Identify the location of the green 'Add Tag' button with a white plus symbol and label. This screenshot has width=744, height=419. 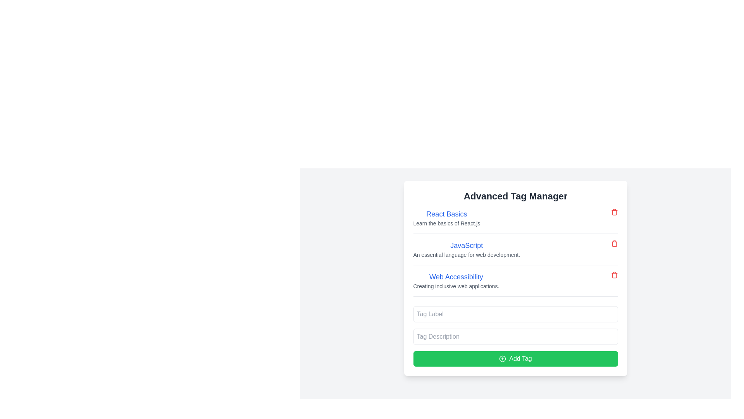
(515, 359).